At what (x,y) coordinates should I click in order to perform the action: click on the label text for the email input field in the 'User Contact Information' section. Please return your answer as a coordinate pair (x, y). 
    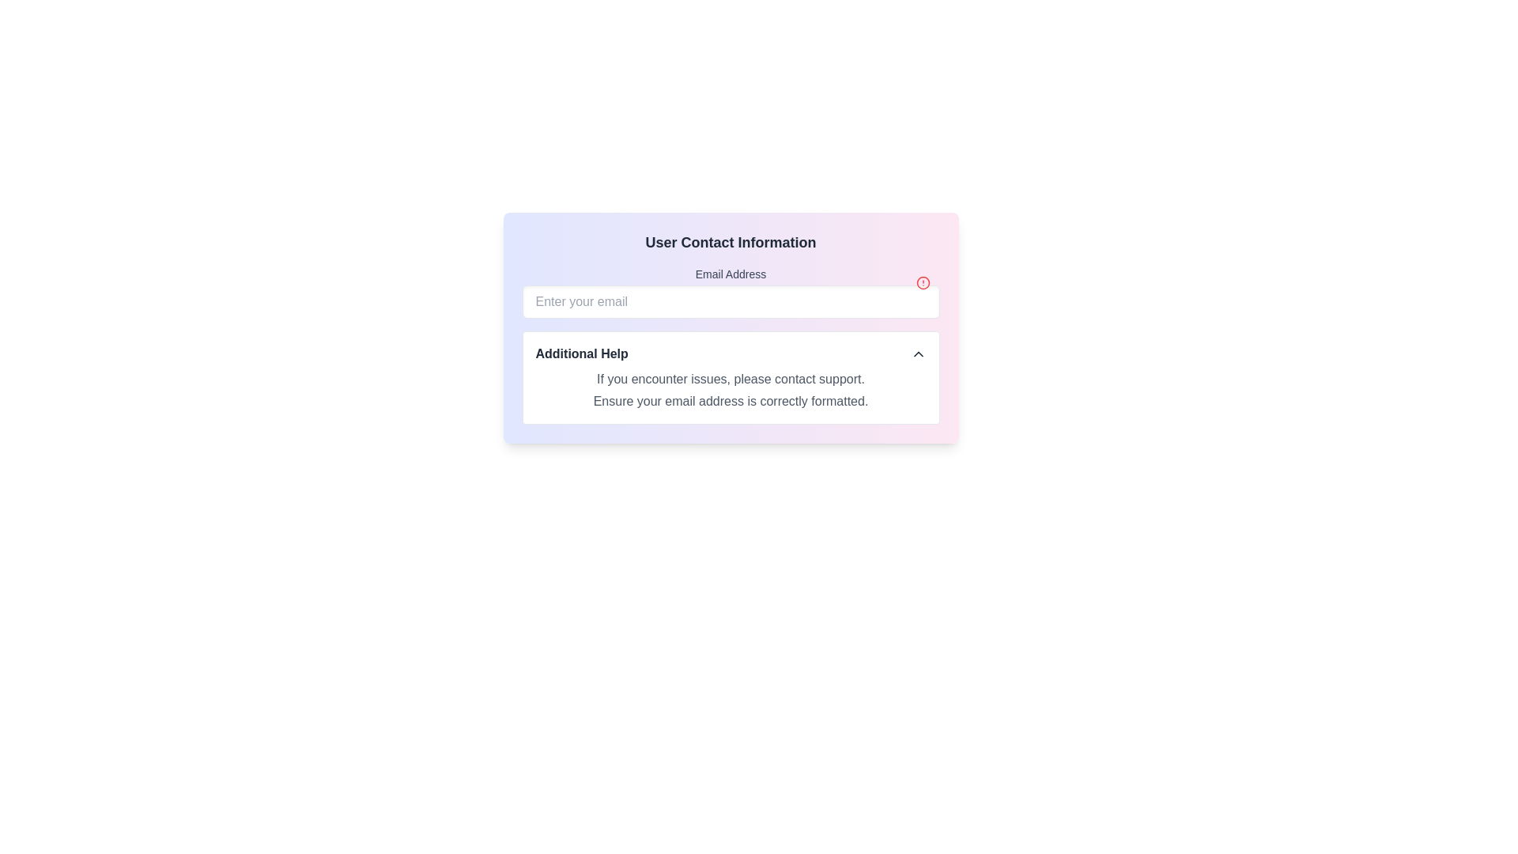
    Looking at the image, I should click on (730, 274).